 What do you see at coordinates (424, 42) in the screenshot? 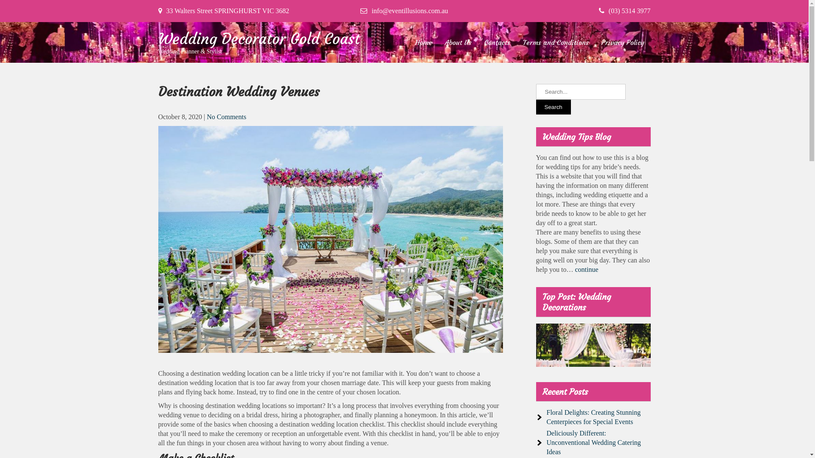
I see `'Home'` at bounding box center [424, 42].